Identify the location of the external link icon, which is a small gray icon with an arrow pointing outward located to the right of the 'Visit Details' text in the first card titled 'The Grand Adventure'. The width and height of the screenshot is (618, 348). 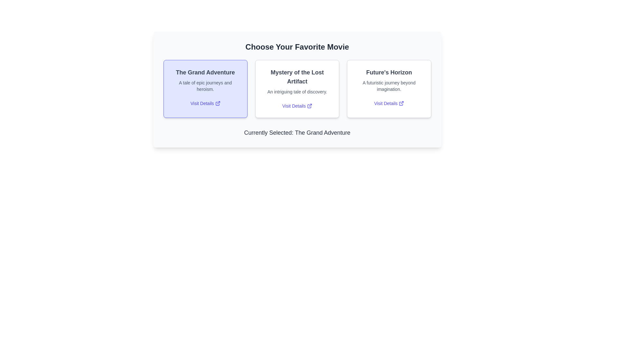
(218, 103).